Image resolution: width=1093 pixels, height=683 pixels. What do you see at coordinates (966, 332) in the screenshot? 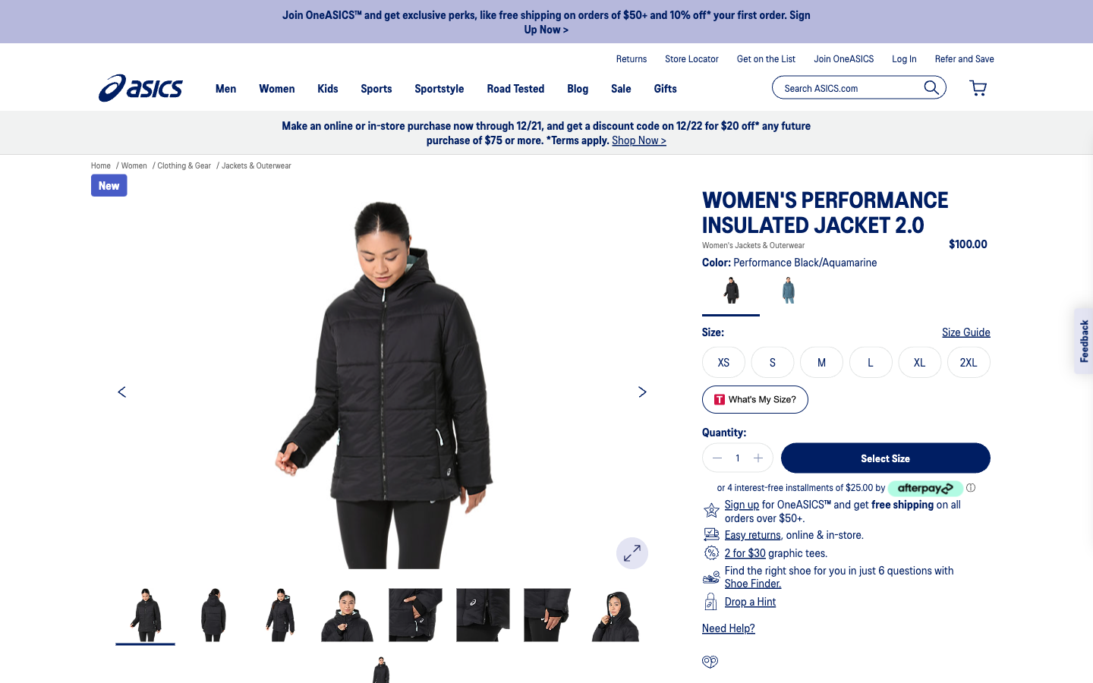
I see `Identify what size of item to order` at bounding box center [966, 332].